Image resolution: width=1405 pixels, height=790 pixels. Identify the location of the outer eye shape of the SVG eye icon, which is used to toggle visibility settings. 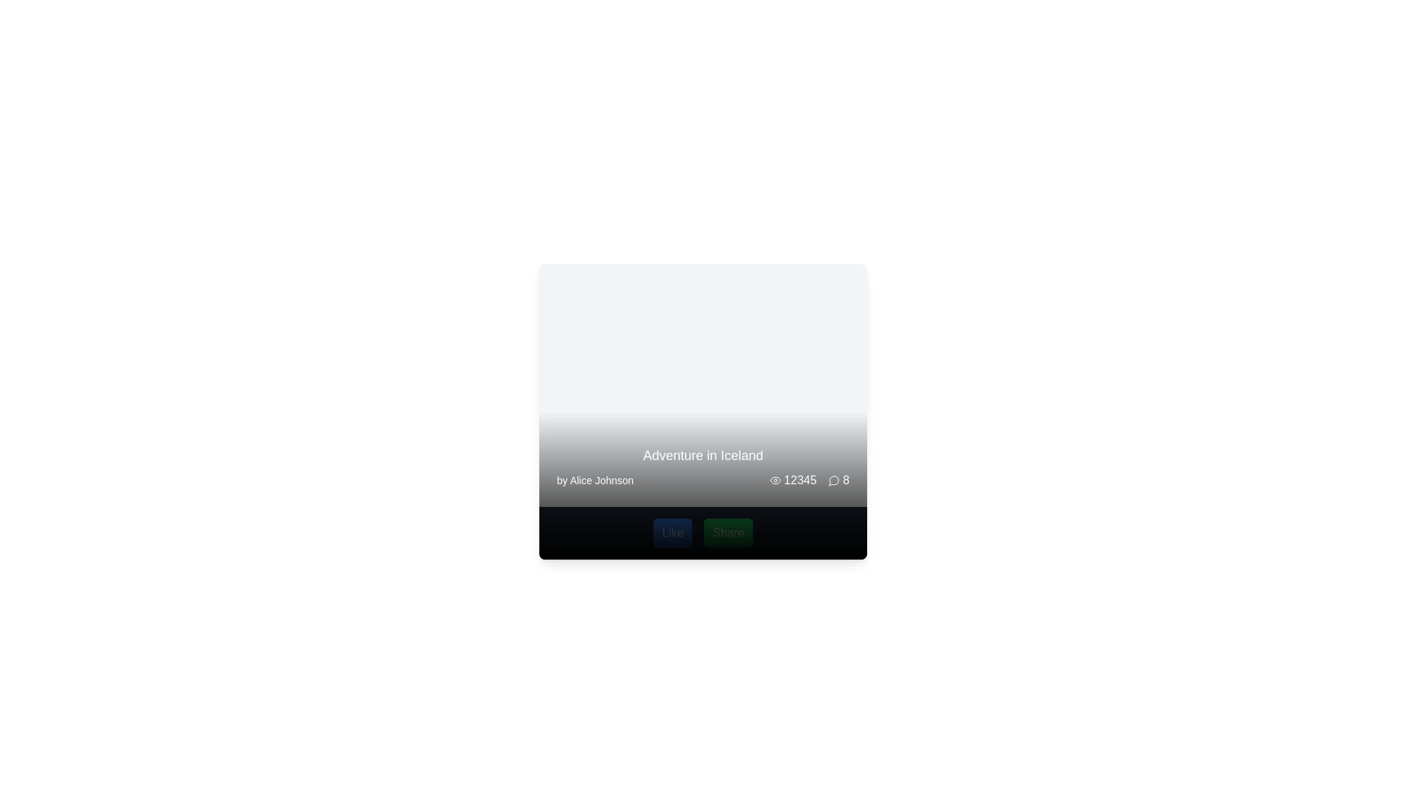
(774, 480).